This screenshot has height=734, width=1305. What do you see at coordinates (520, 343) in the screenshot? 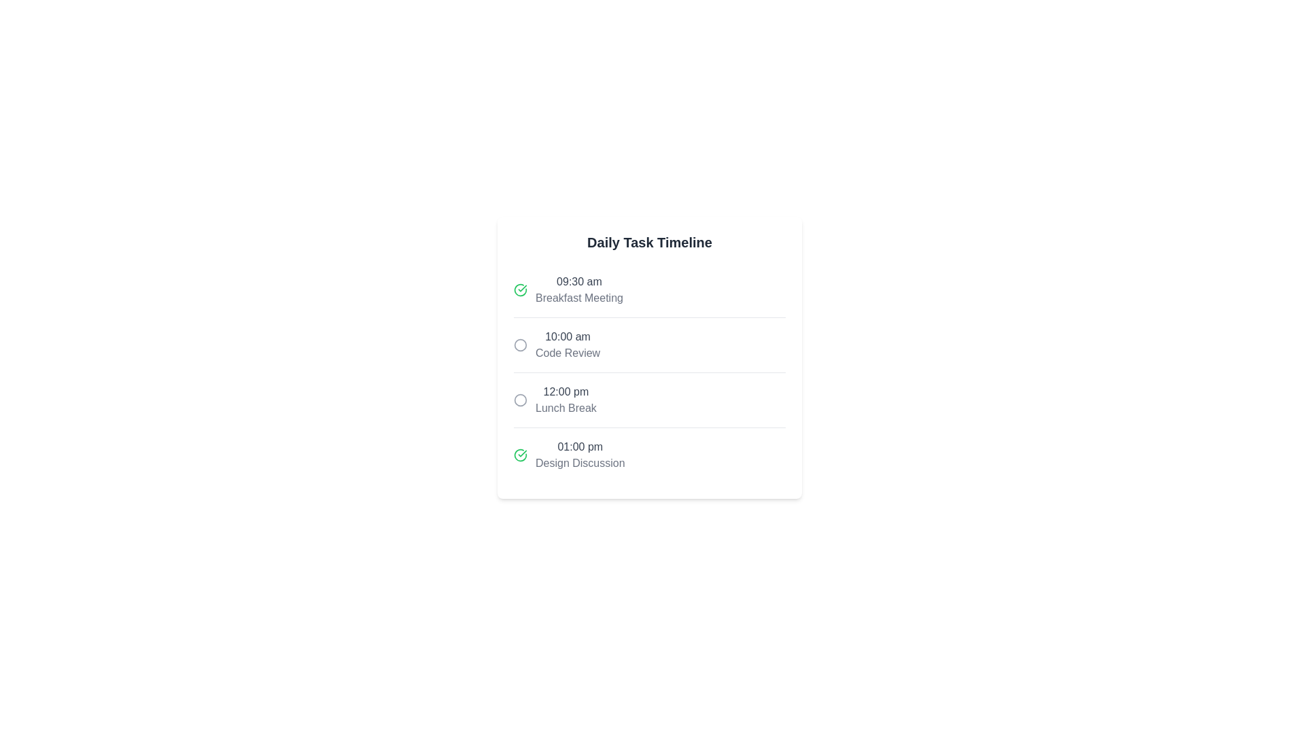
I see `the Circular SVG icon associated with the timeline entry labeled '10:00 am - Code Review'` at bounding box center [520, 343].